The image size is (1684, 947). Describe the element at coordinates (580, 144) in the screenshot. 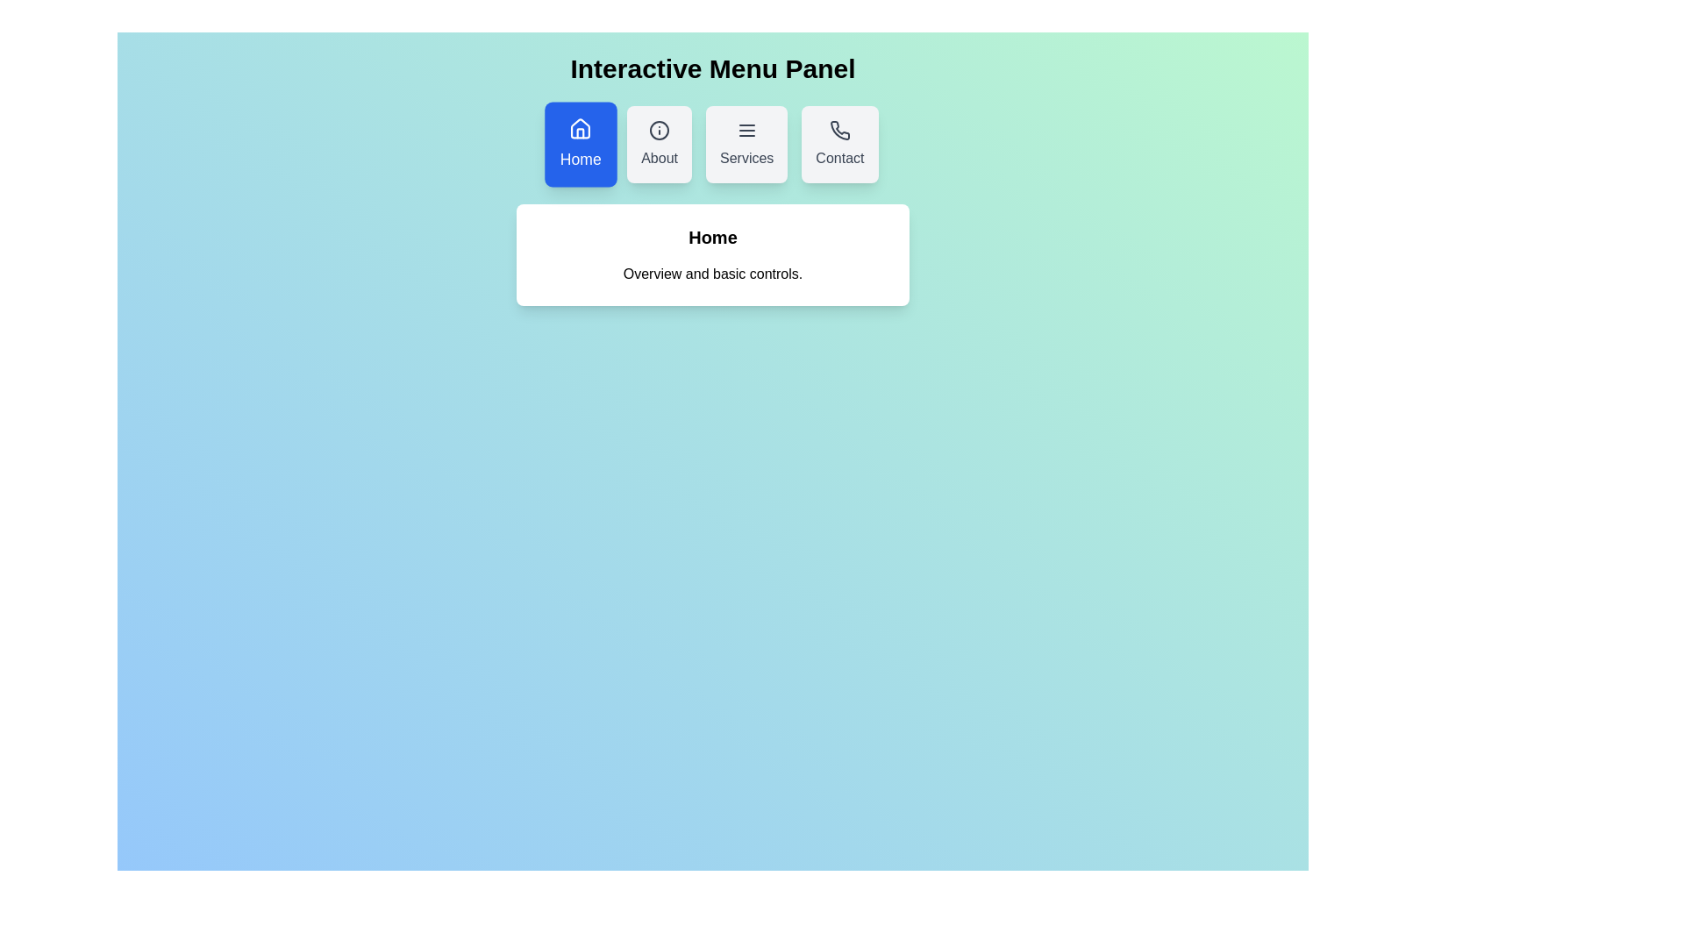

I see `the menu option Home` at that location.